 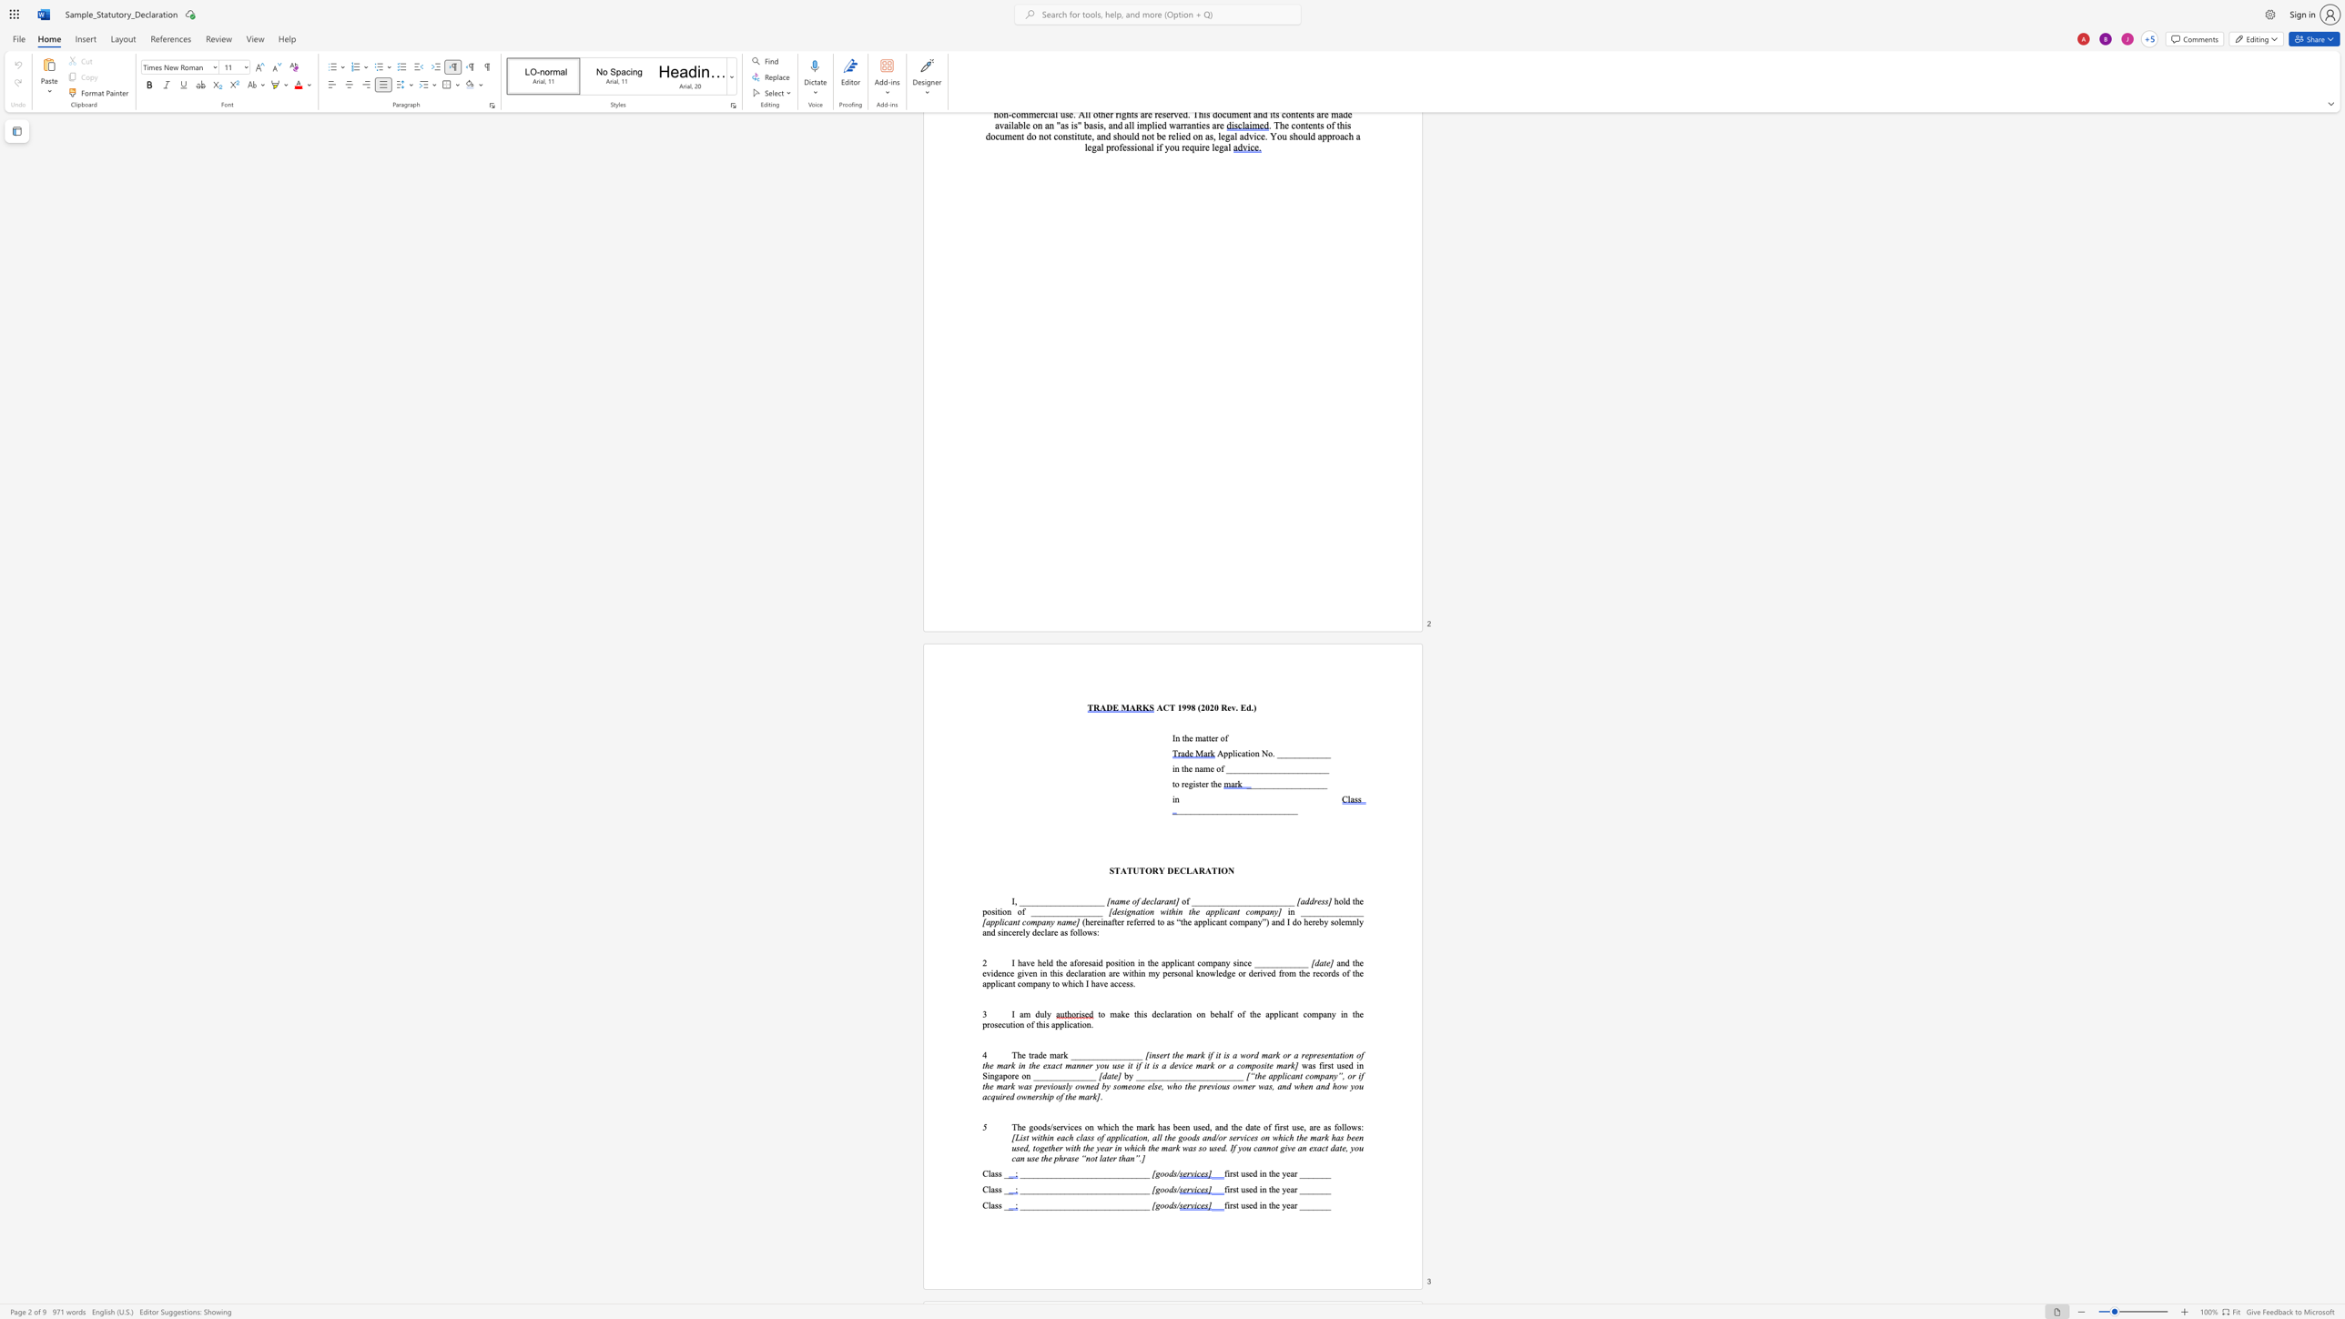 I want to click on the 9th character "_" in the text, so click(x=1173, y=1075).